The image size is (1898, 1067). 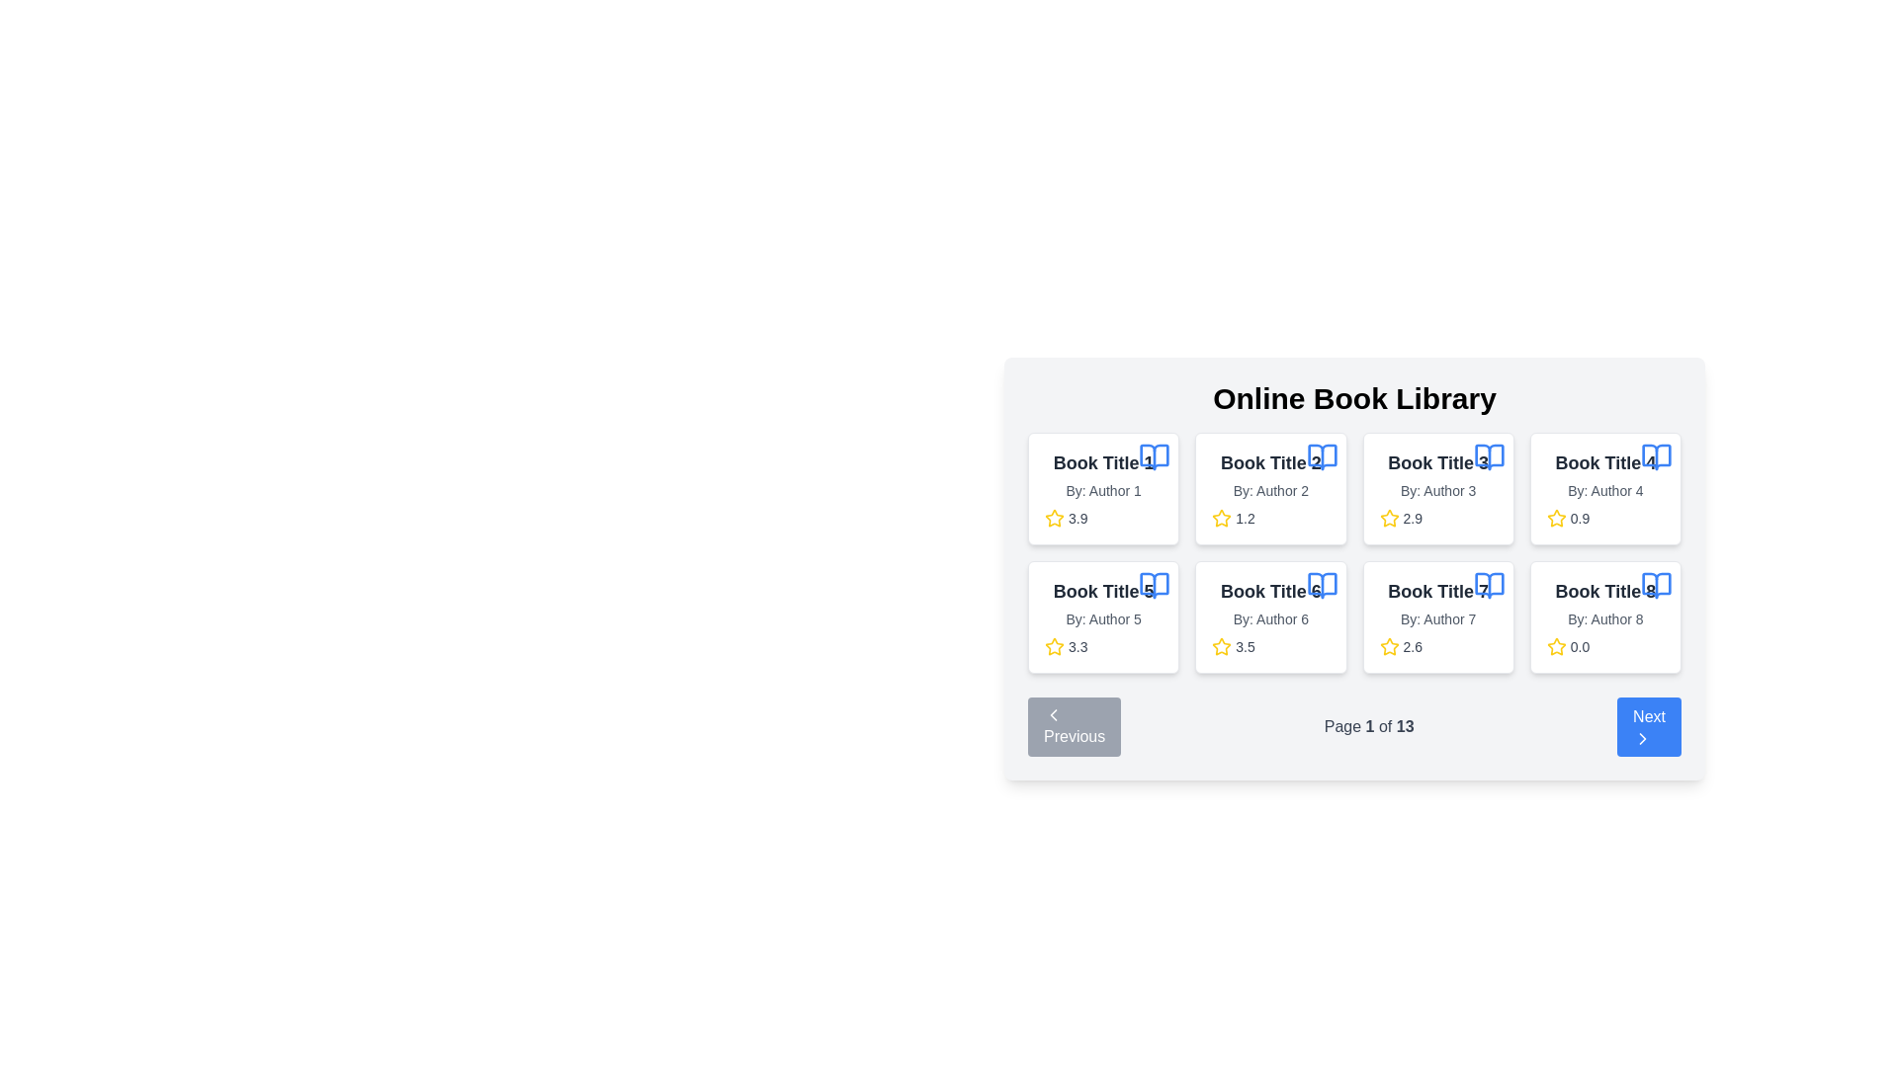 What do you see at coordinates (1605, 590) in the screenshot?
I see `the title Text Label in the bottom-right book card of the 'Online Book Library' interface` at bounding box center [1605, 590].